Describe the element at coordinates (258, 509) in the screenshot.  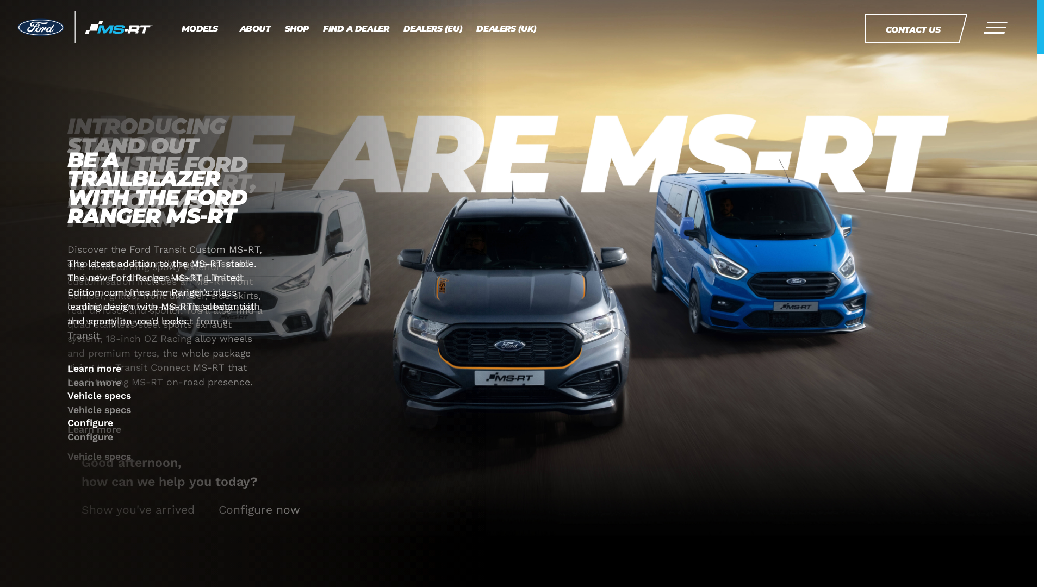
I see `'Configure now'` at that location.